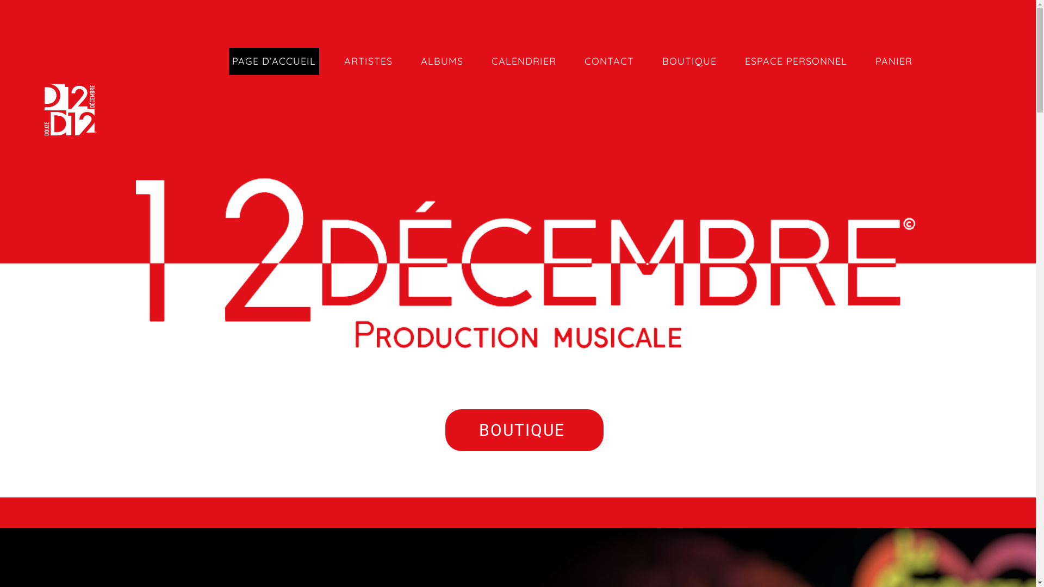 This screenshot has height=587, width=1044. I want to click on 'ALBUMS', so click(442, 61).